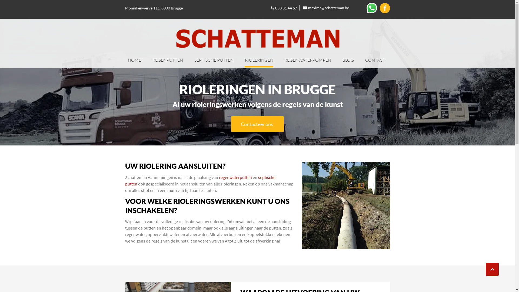 The width and height of the screenshot is (519, 292). Describe the element at coordinates (235, 177) in the screenshot. I see `'regenwaterputten'` at that location.